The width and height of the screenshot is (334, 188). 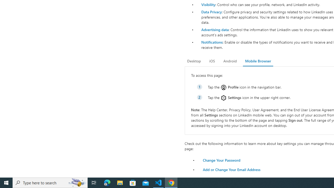 I want to click on 'Data Privacy', so click(x=211, y=12).